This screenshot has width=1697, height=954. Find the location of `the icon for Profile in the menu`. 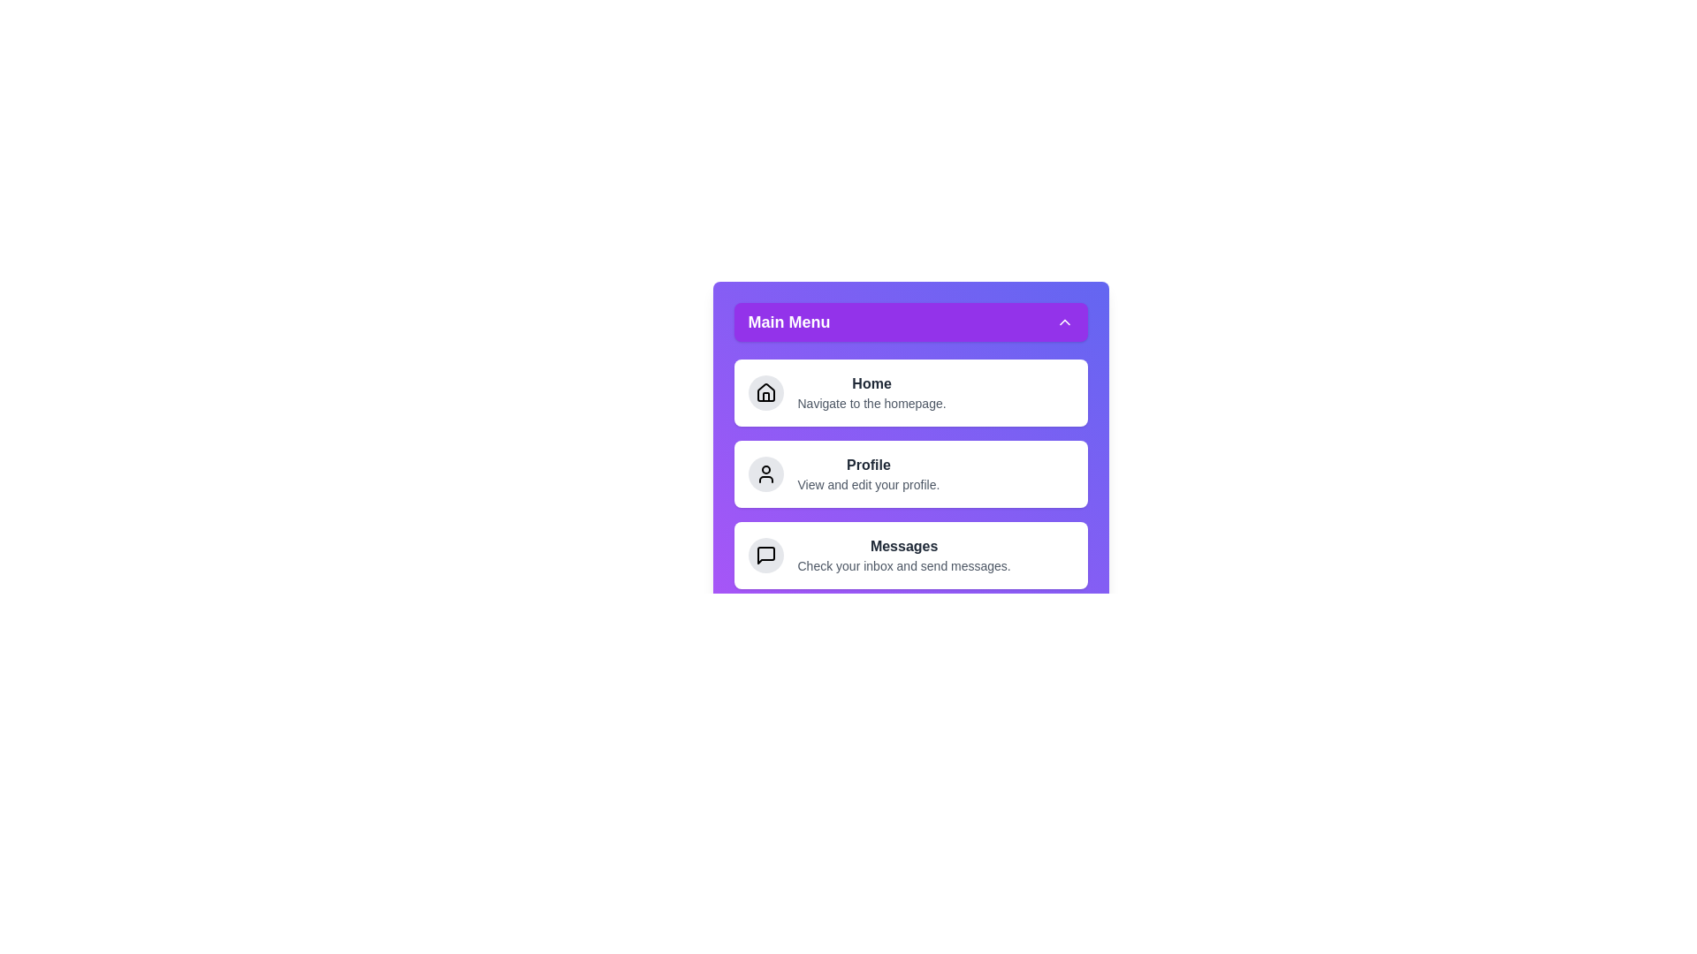

the icon for Profile in the menu is located at coordinates (765, 473).